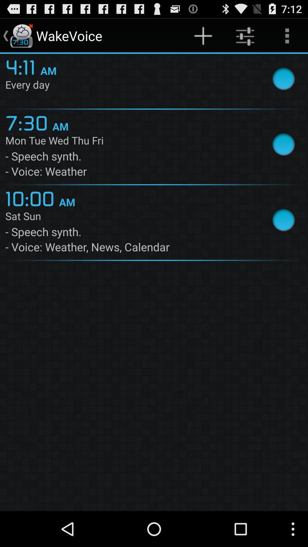 Image resolution: width=308 pixels, height=547 pixels. What do you see at coordinates (129, 85) in the screenshot?
I see `the every day app` at bounding box center [129, 85].